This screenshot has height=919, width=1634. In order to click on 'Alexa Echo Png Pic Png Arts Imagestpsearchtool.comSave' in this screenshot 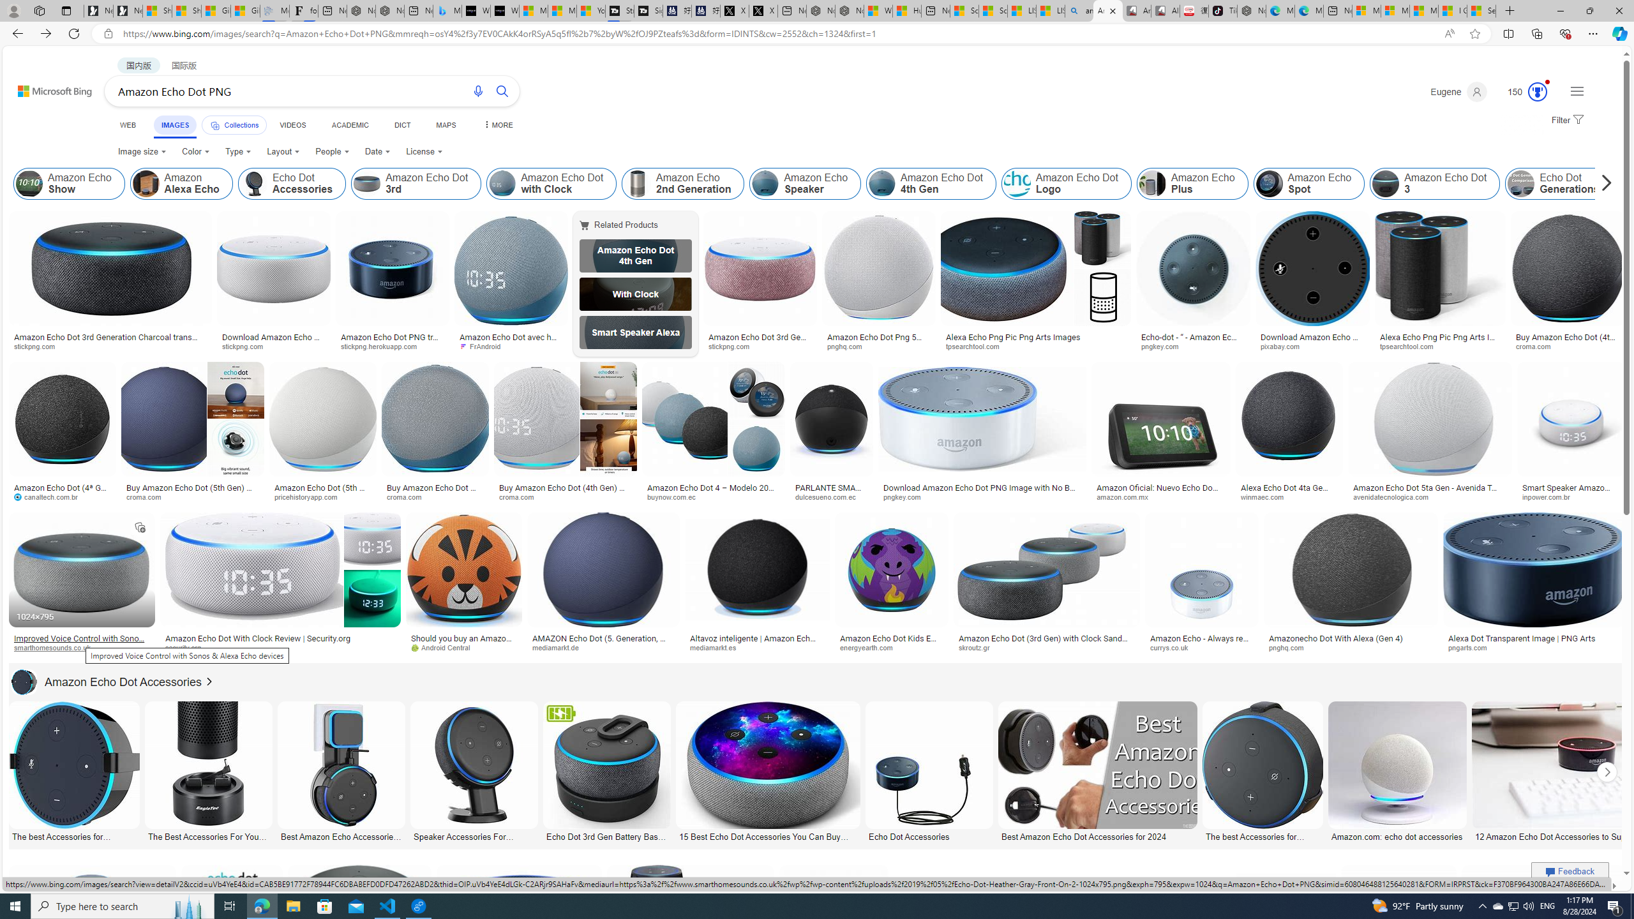, I will do `click(1038, 283)`.